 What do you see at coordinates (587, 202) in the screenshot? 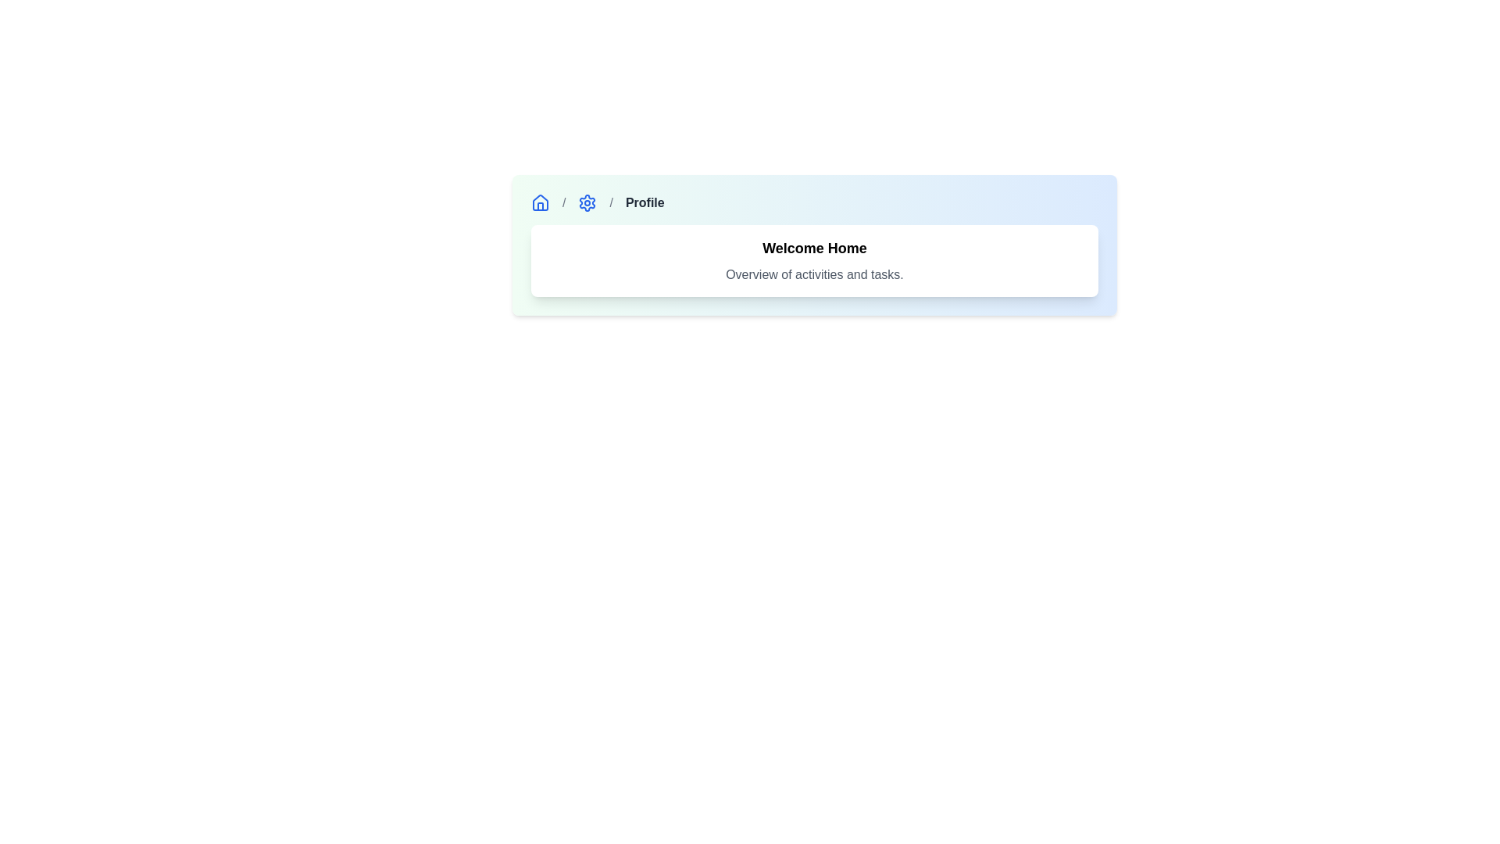
I see `the fifth interactive component in the breadcrumb navigation bar` at bounding box center [587, 202].